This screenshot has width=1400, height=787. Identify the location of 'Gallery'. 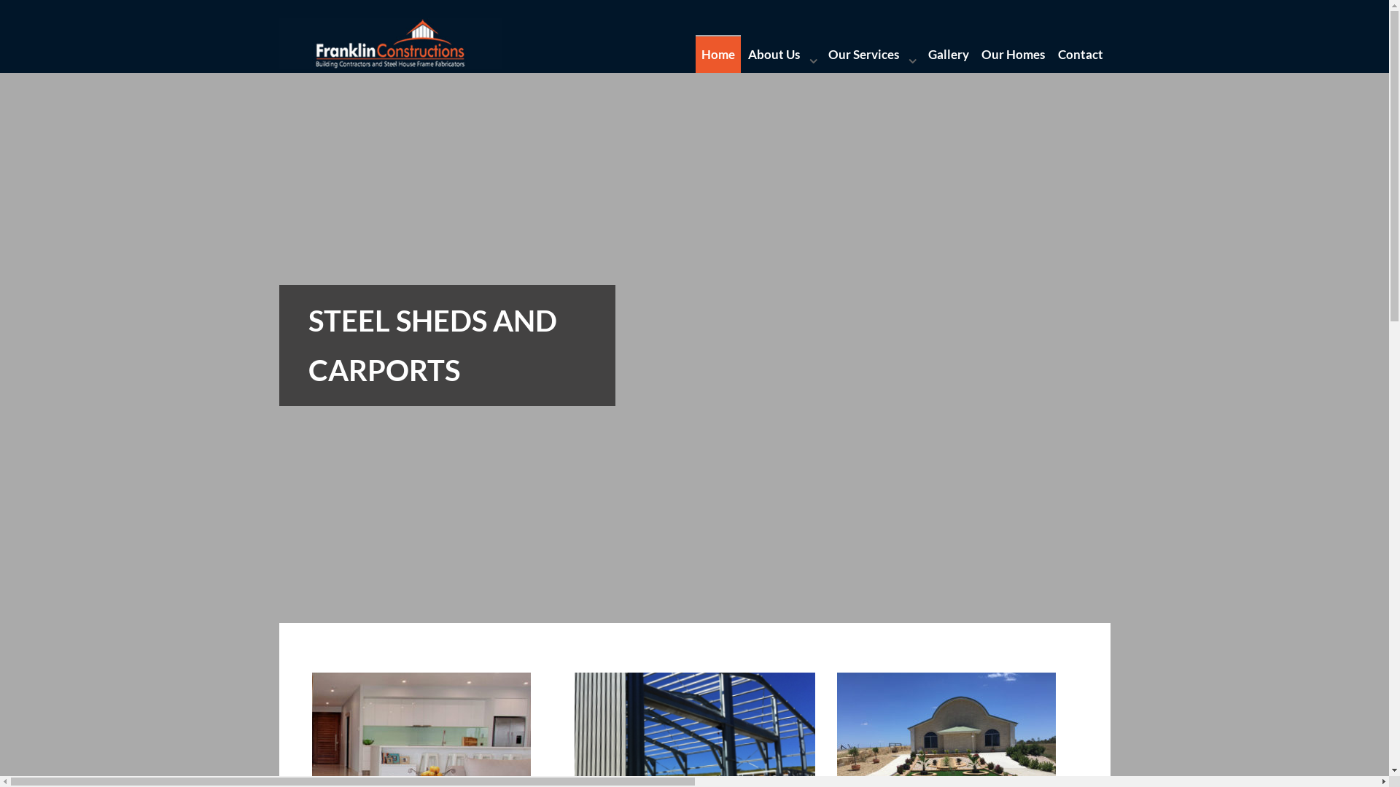
(948, 53).